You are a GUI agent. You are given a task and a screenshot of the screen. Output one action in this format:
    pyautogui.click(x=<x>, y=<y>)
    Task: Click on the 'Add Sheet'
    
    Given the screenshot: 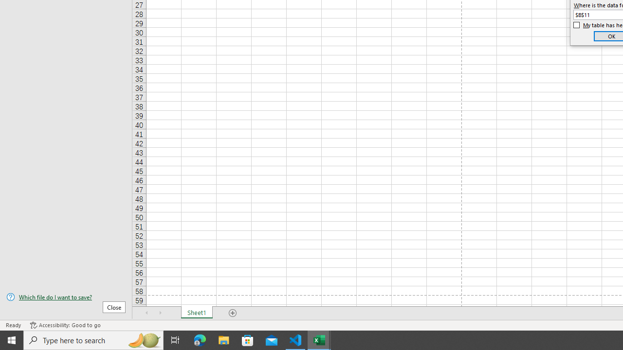 What is the action you would take?
    pyautogui.click(x=232, y=313)
    